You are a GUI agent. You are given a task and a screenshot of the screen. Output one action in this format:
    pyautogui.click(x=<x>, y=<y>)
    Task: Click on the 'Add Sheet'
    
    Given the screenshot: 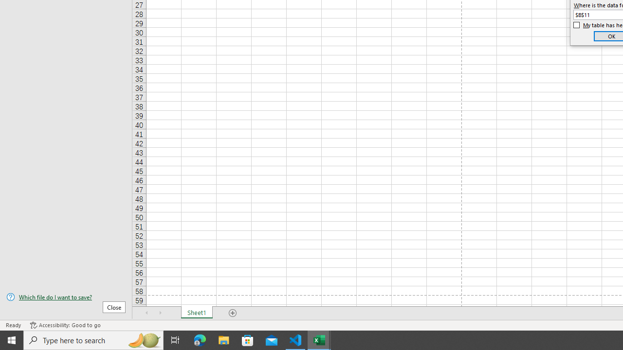 What is the action you would take?
    pyautogui.click(x=232, y=313)
    